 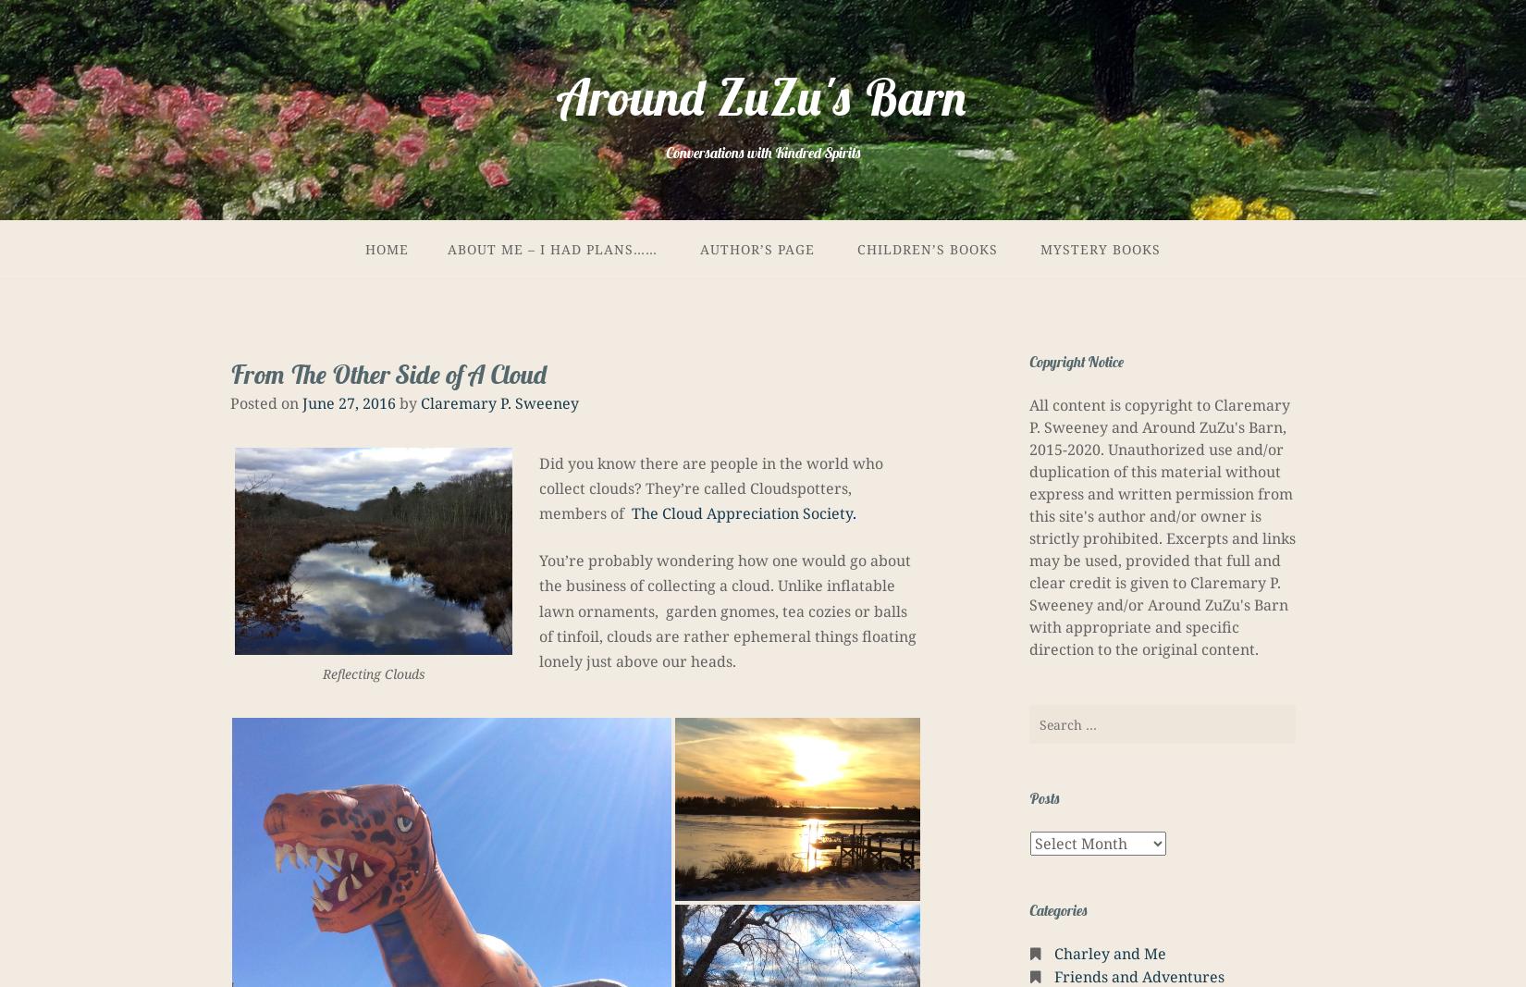 I want to click on 'Posted on', so click(x=229, y=401).